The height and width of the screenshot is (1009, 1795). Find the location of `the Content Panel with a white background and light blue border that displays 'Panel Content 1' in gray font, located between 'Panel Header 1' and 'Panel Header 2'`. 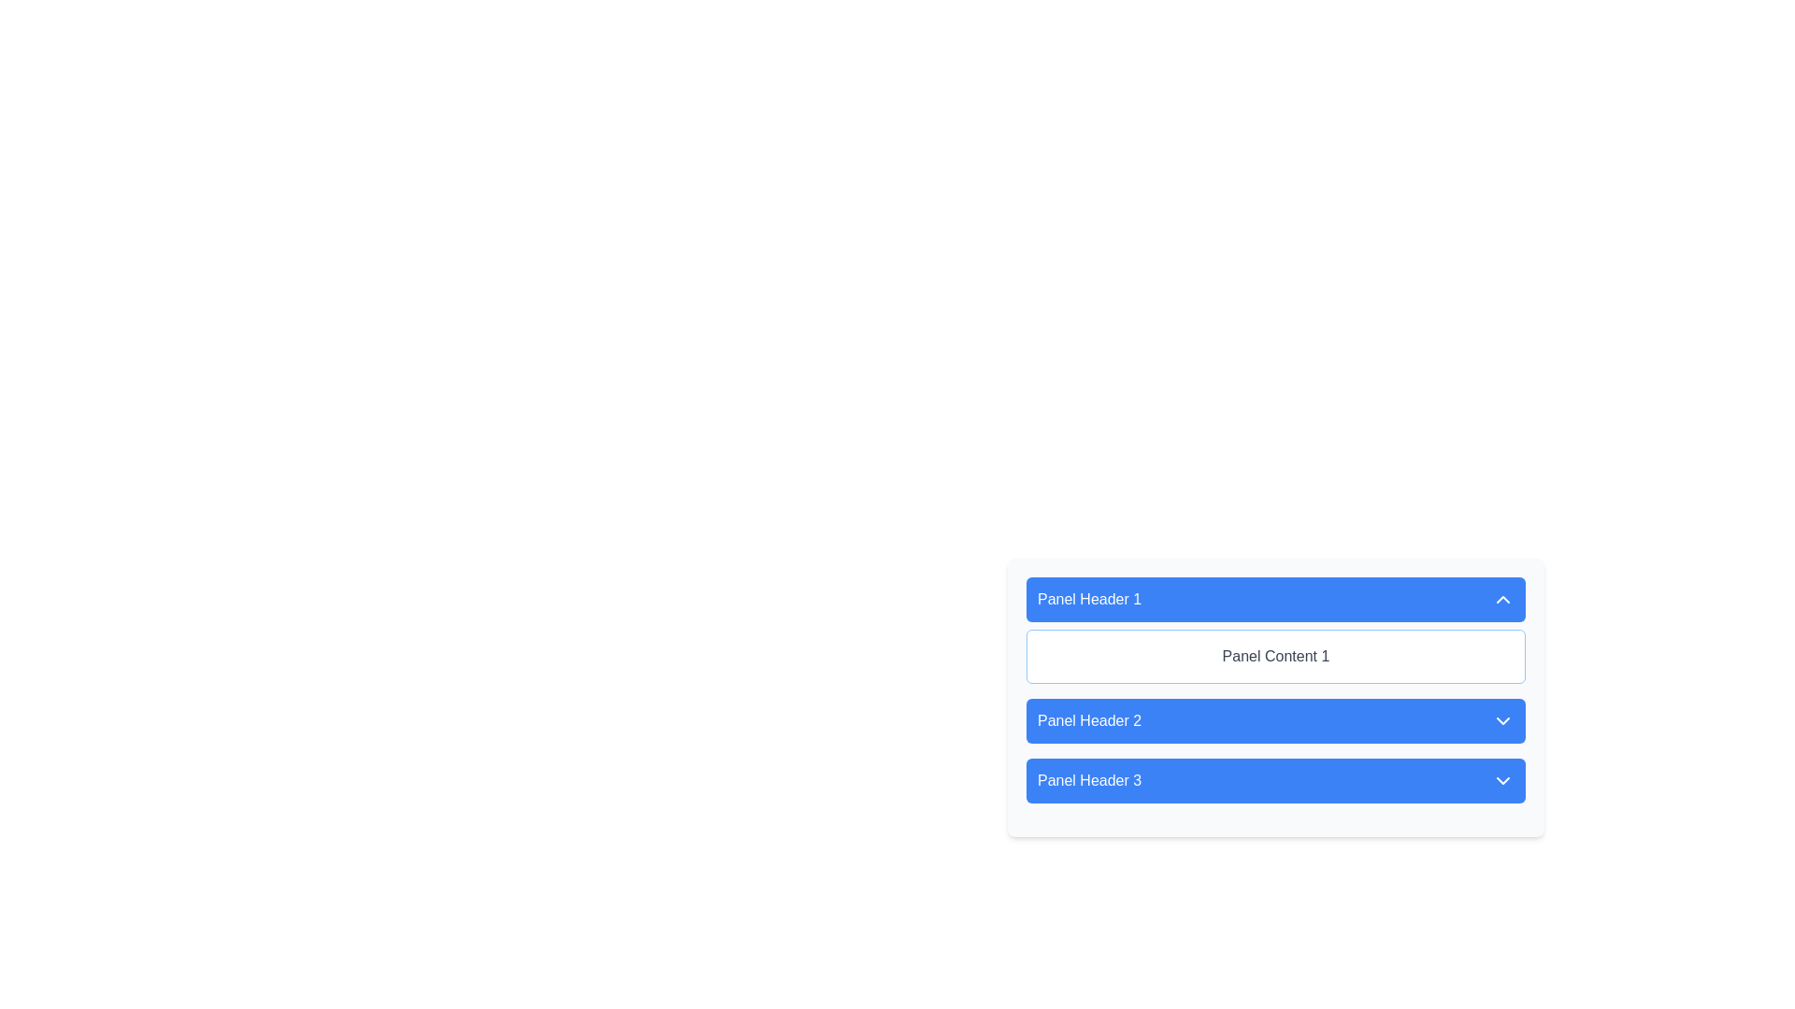

the Content Panel with a white background and light blue border that displays 'Panel Content 1' in gray font, located between 'Panel Header 1' and 'Panel Header 2' is located at coordinates (1274, 655).